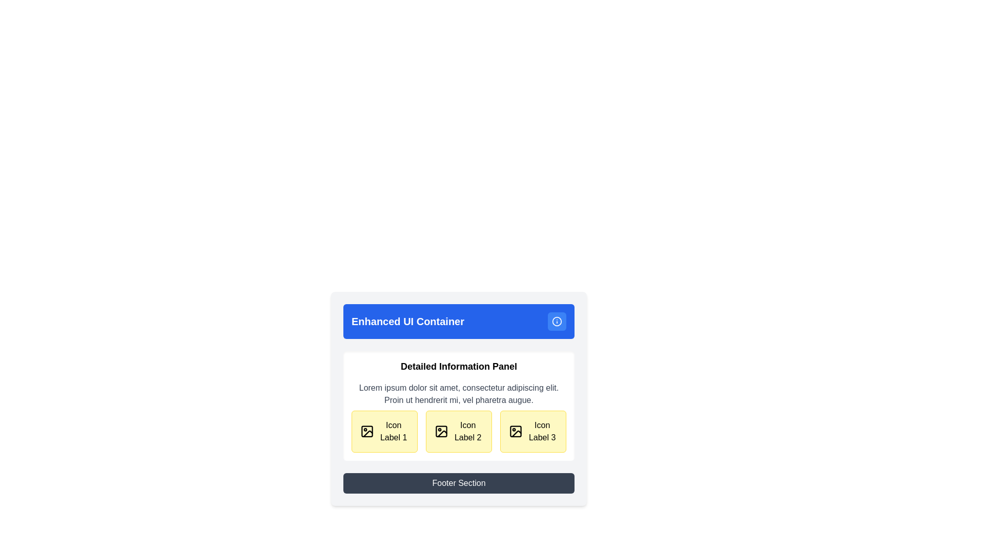  I want to click on the centrally positioned Information Panel or Modal that provides details or options to the user, so click(458, 400).